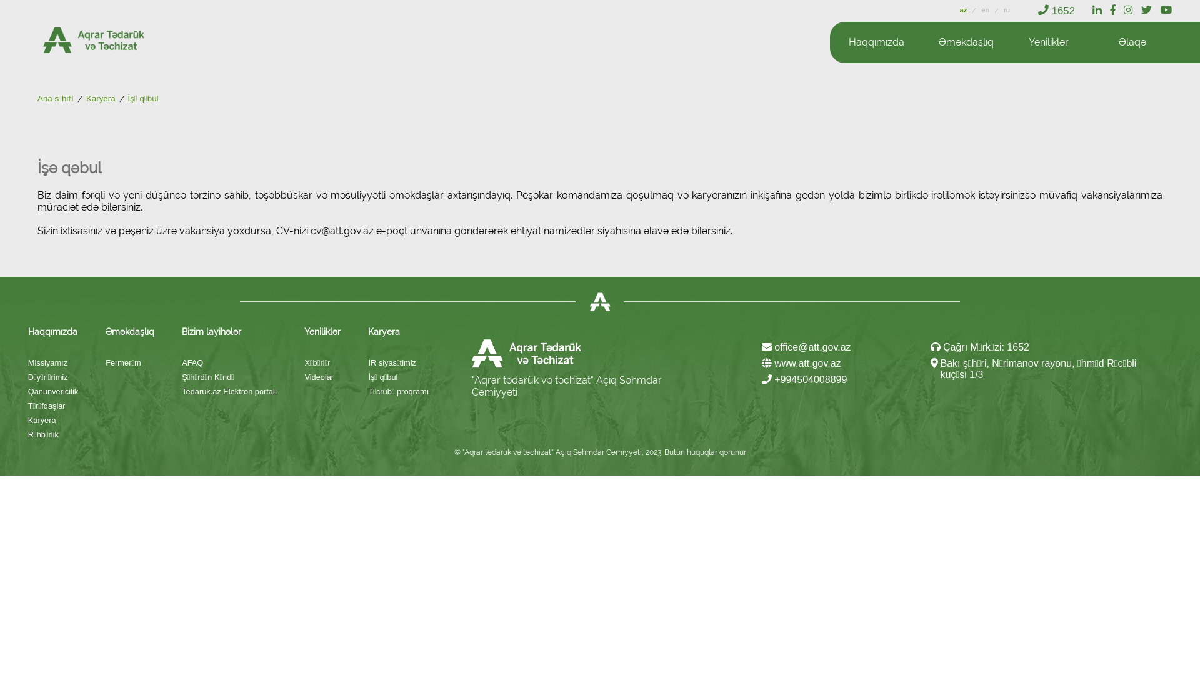 The image size is (1200, 675). What do you see at coordinates (761, 364) in the screenshot?
I see `'www.att.gov.az'` at bounding box center [761, 364].